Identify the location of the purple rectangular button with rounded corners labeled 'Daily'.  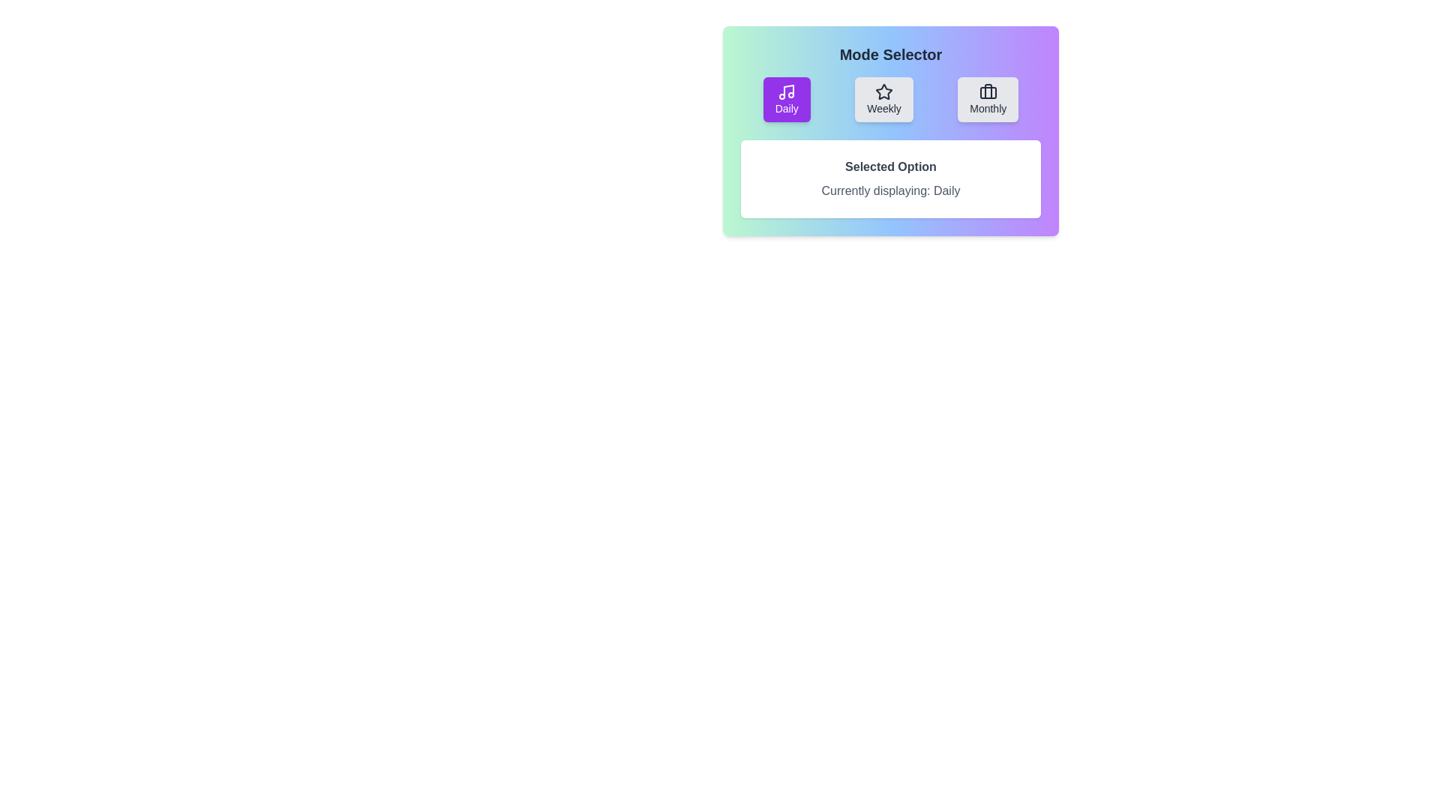
(786, 99).